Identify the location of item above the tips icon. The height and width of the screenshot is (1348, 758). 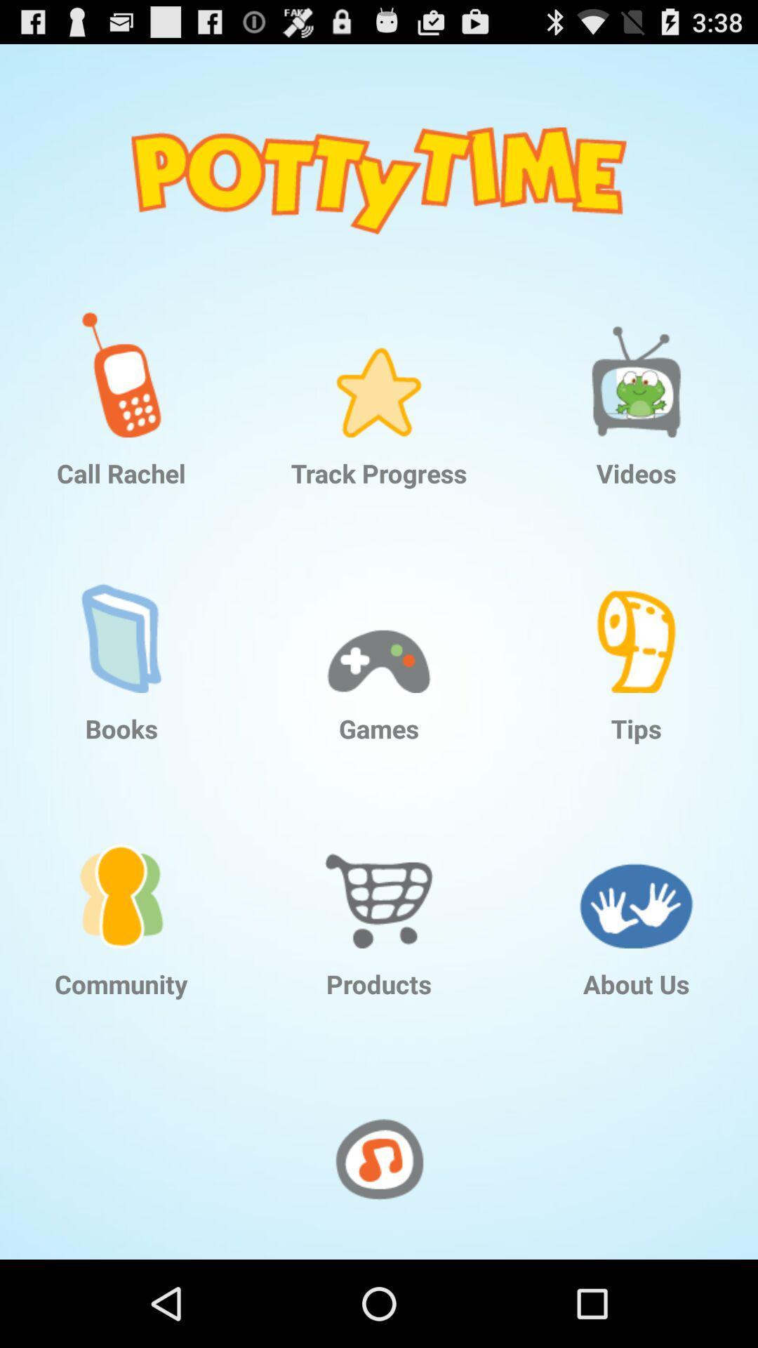
(636, 619).